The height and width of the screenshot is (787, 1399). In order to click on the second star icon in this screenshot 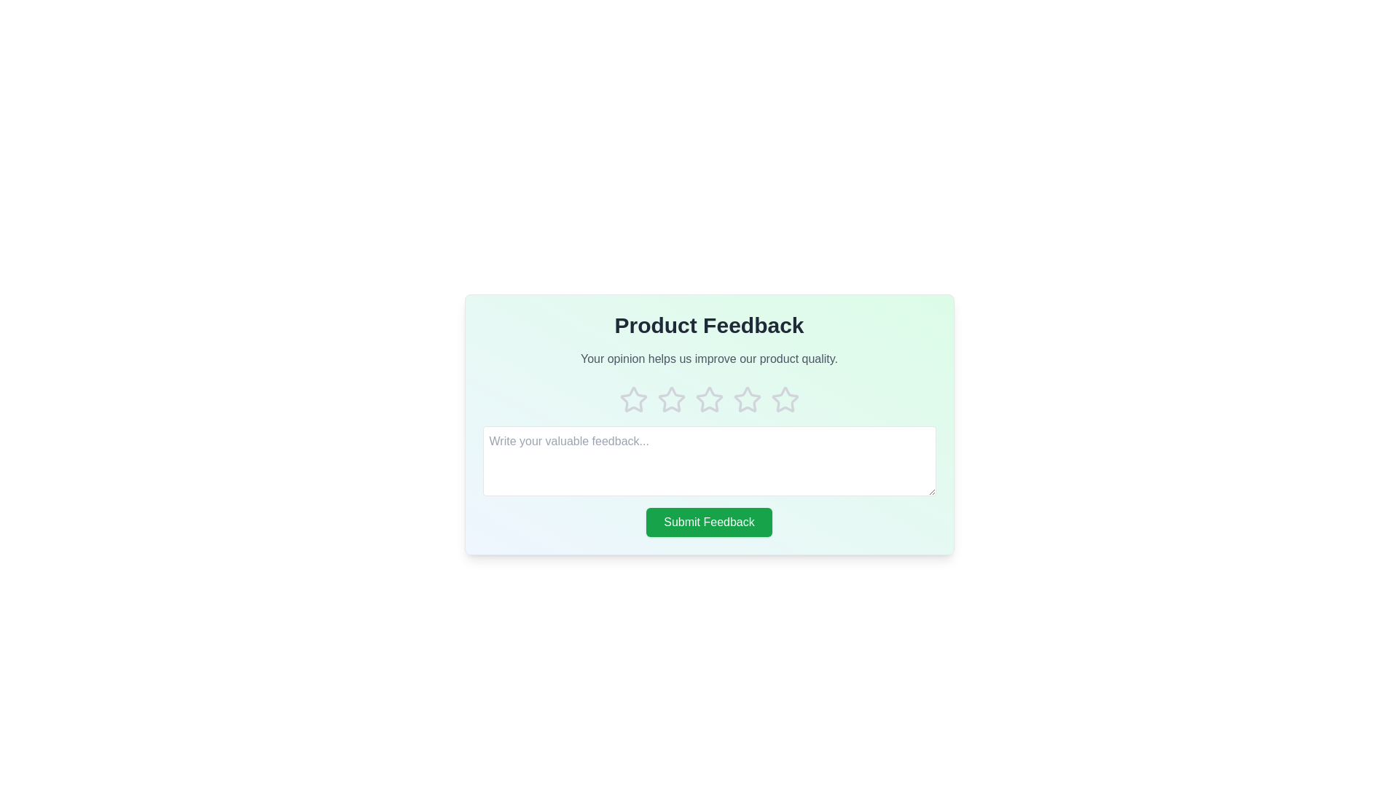, I will do `click(670, 399)`.